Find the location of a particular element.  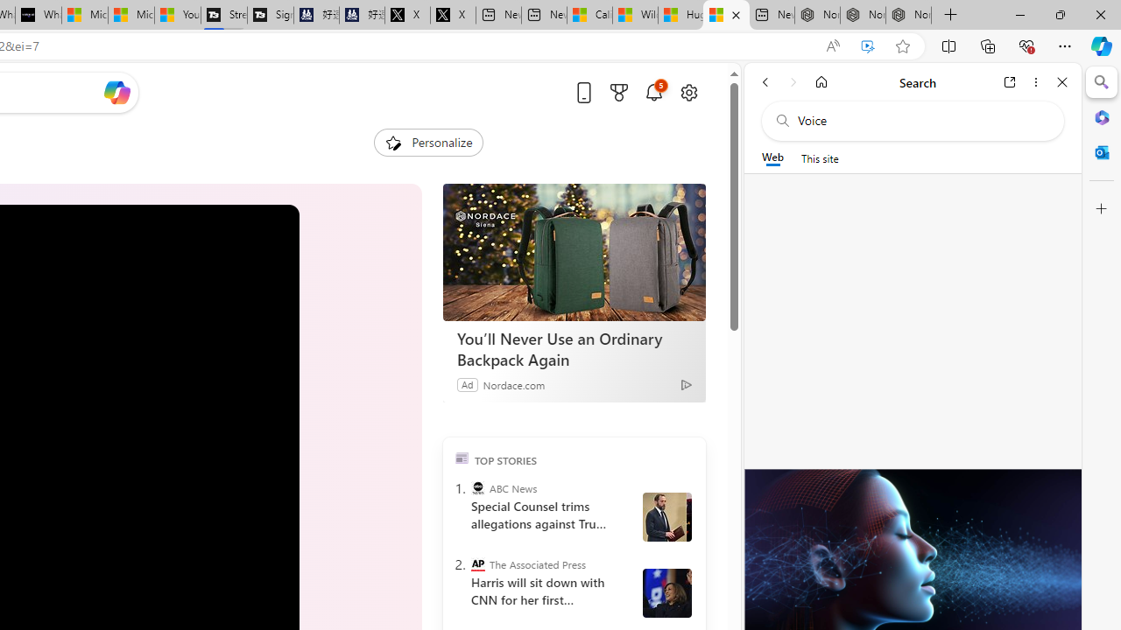

'More options' is located at coordinates (1035, 81).